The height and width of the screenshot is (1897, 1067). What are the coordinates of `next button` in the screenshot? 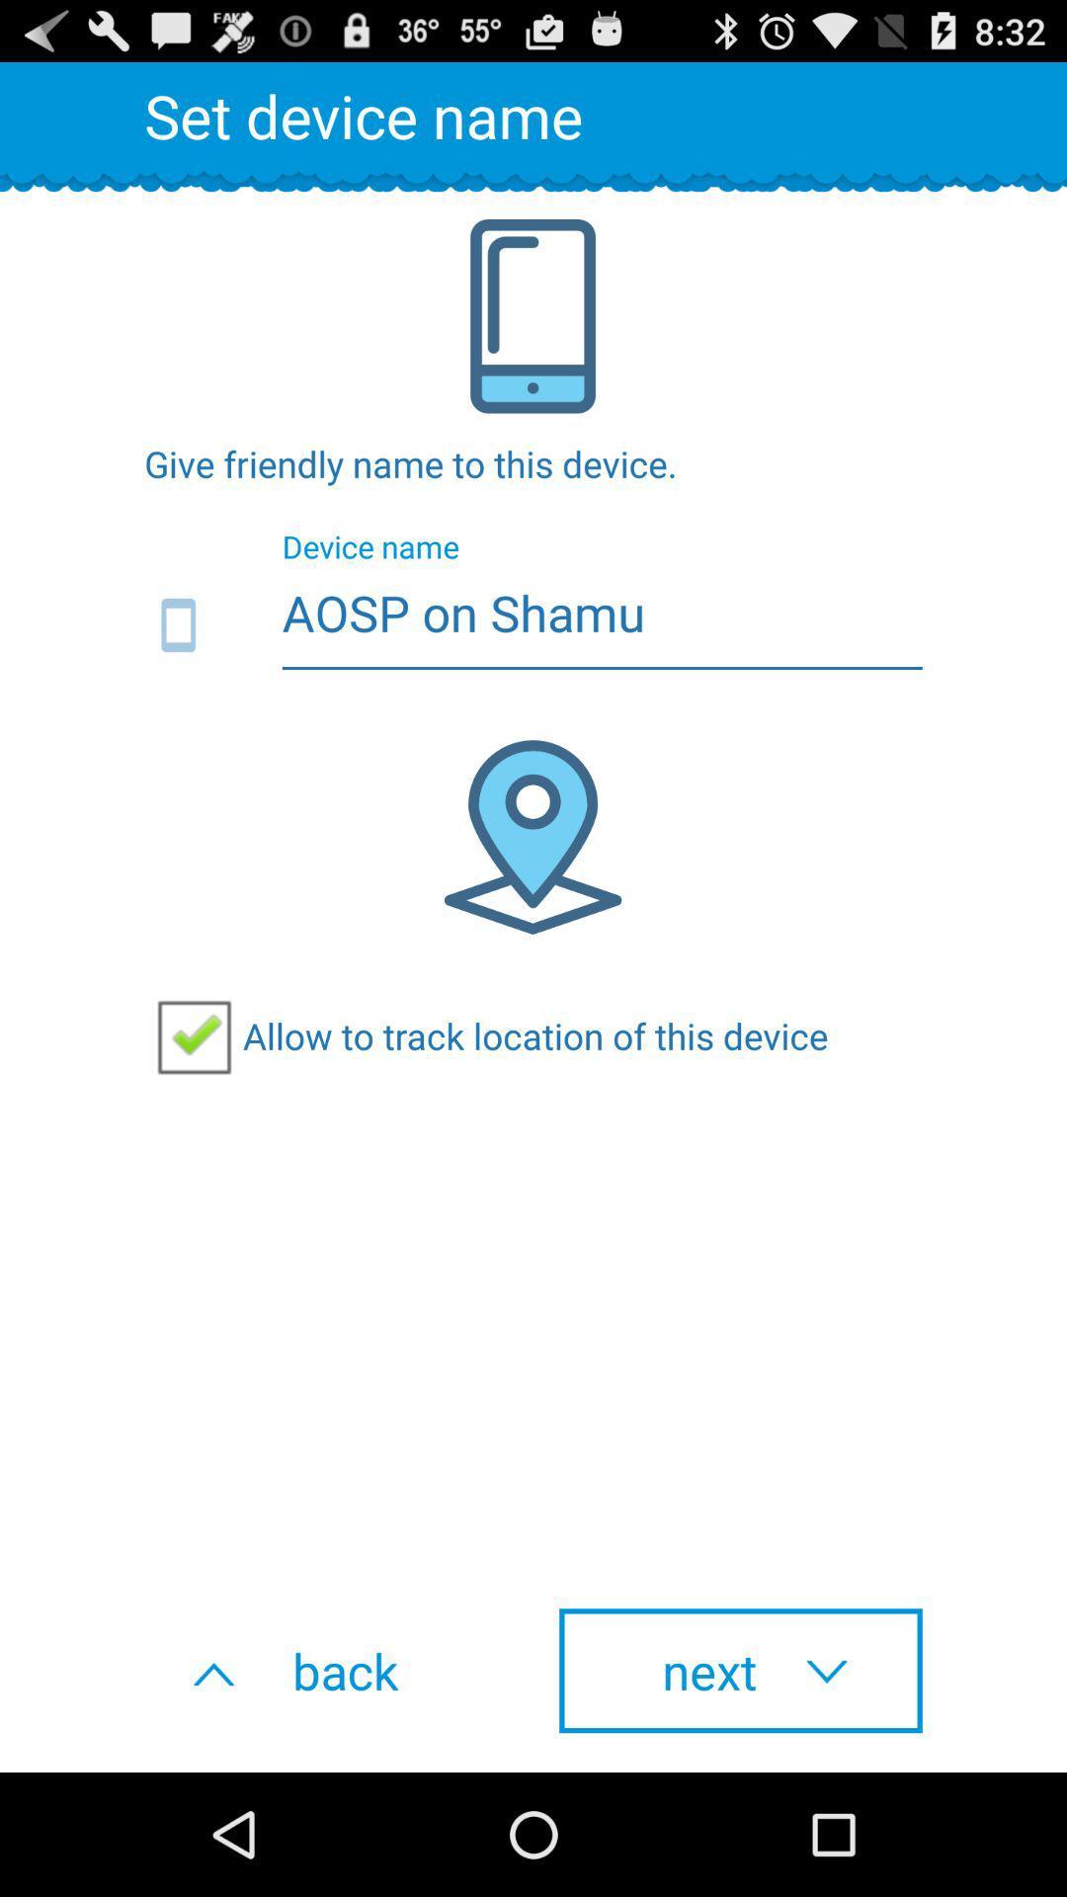 It's located at (740, 1670).